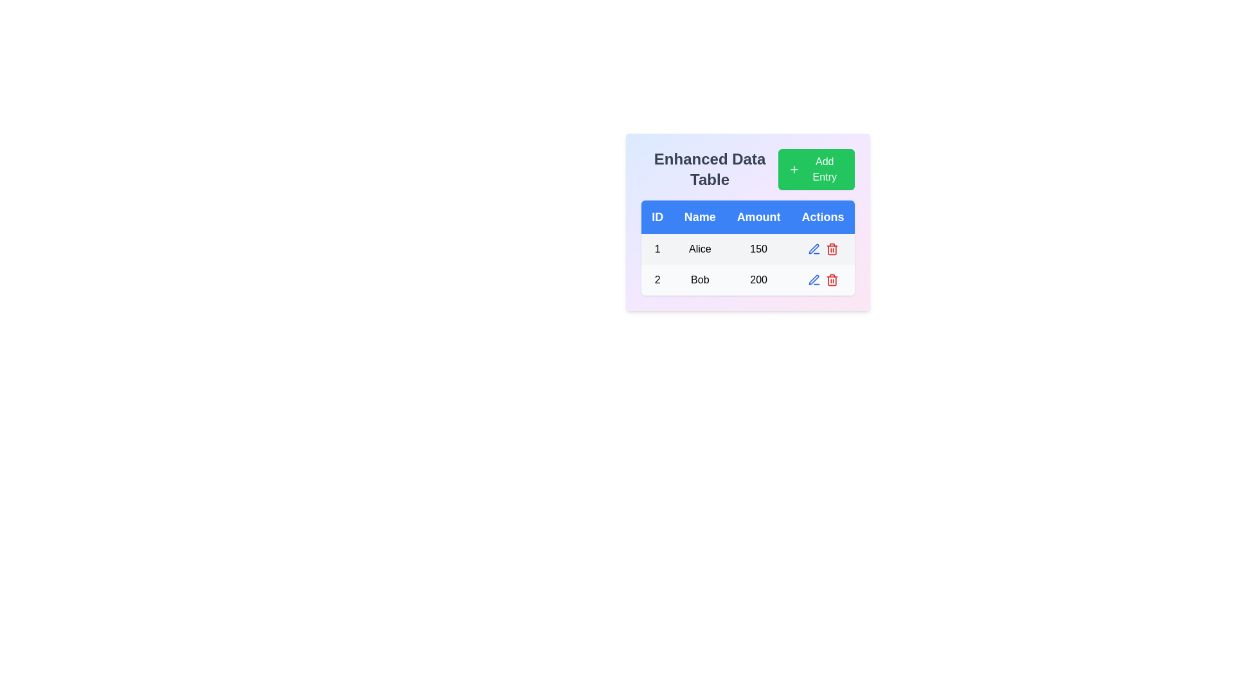  What do you see at coordinates (758, 249) in the screenshot?
I see `numeric amount displayed in the third column under the 'Amount' header for the entry 'Alice' in the data table` at bounding box center [758, 249].